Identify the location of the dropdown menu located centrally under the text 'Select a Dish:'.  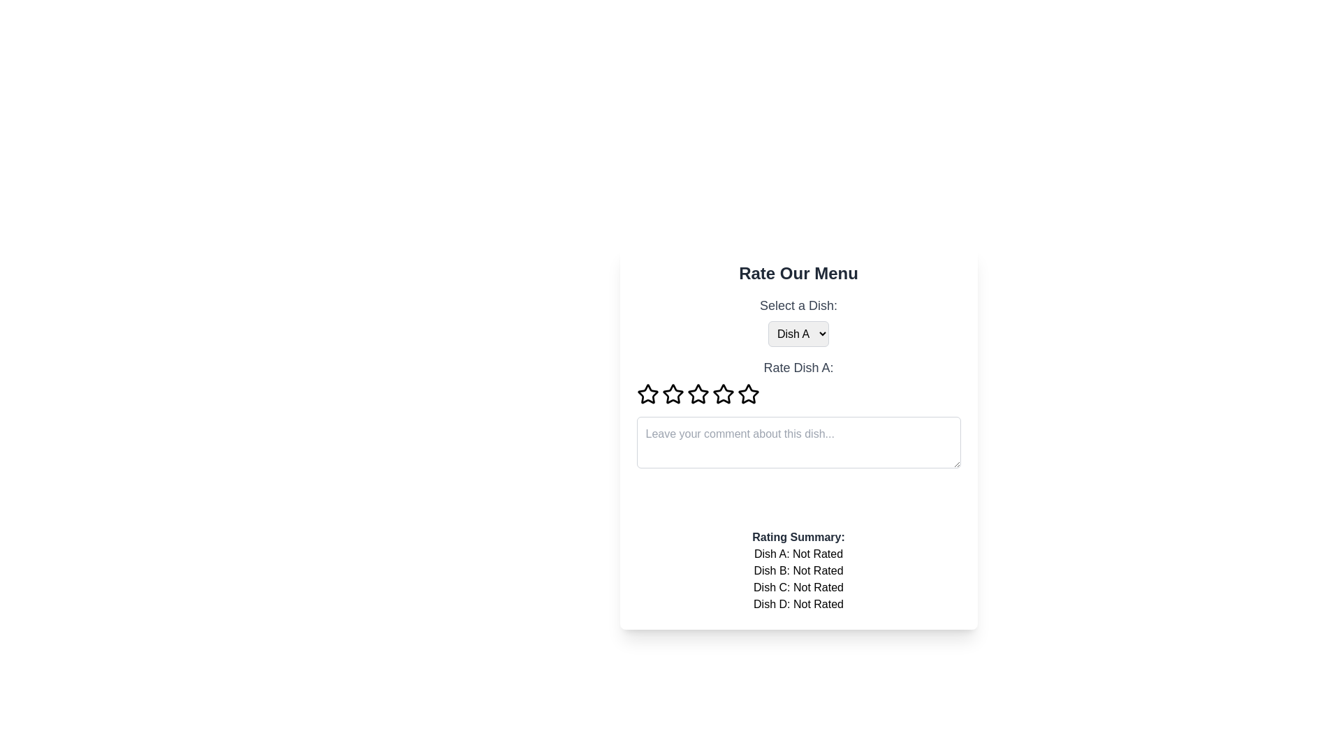
(798, 334).